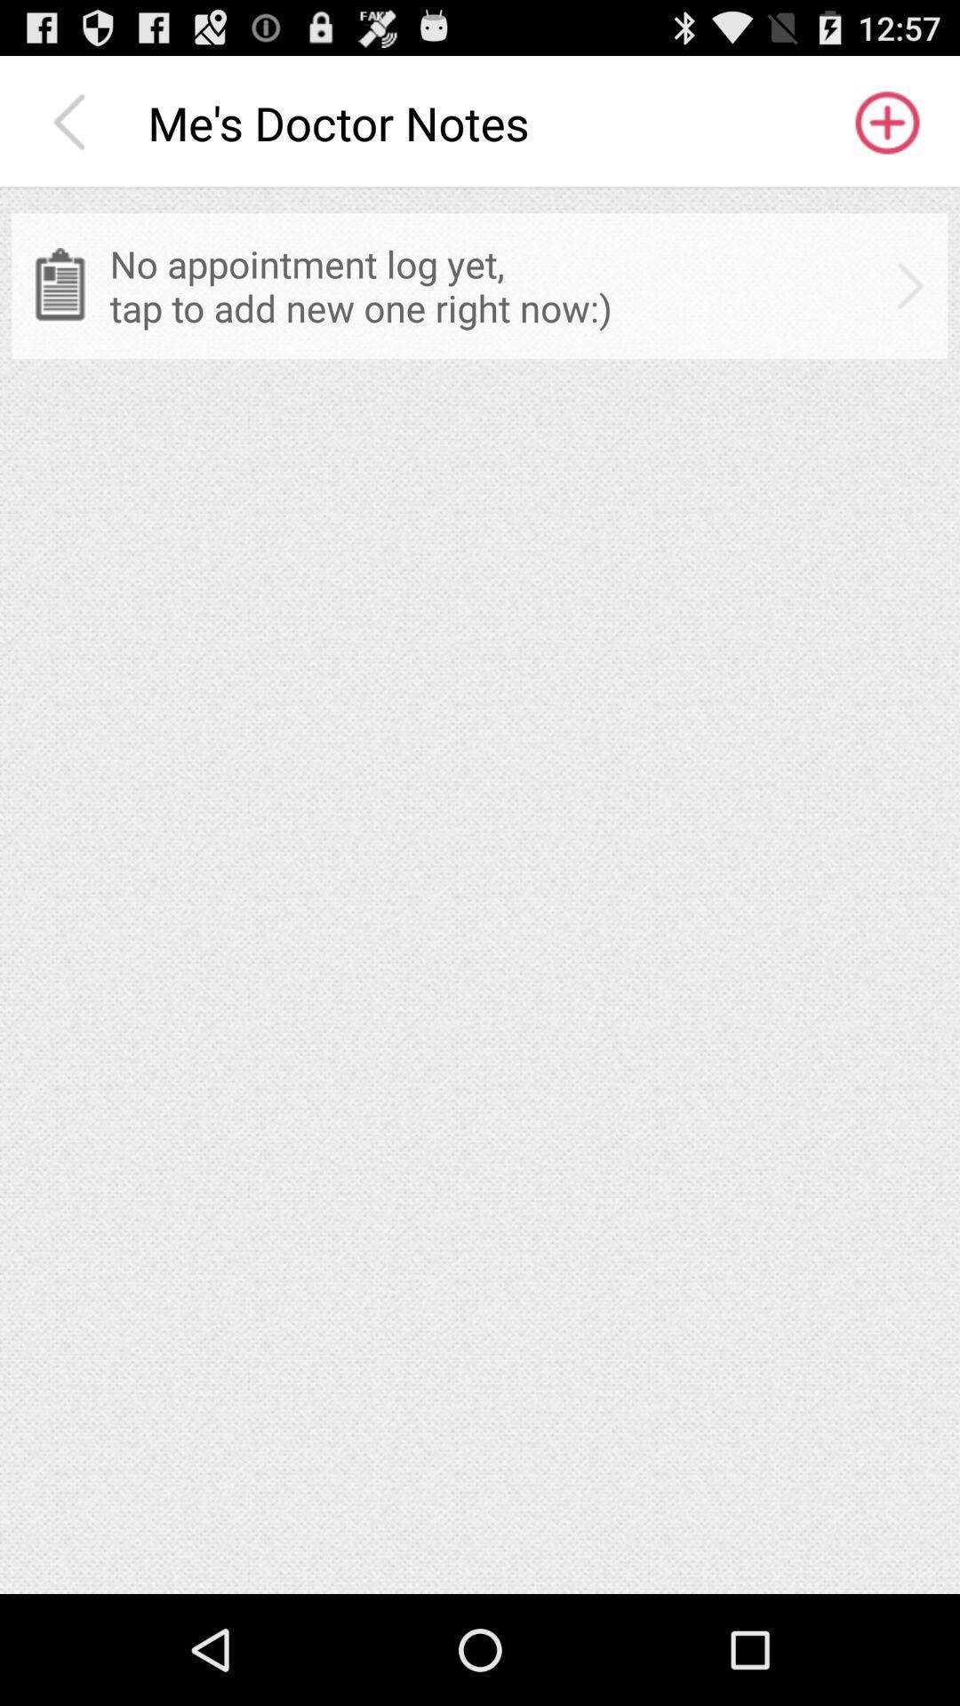 The image size is (960, 1706). I want to click on the app next to the me s doctor item, so click(885, 122).